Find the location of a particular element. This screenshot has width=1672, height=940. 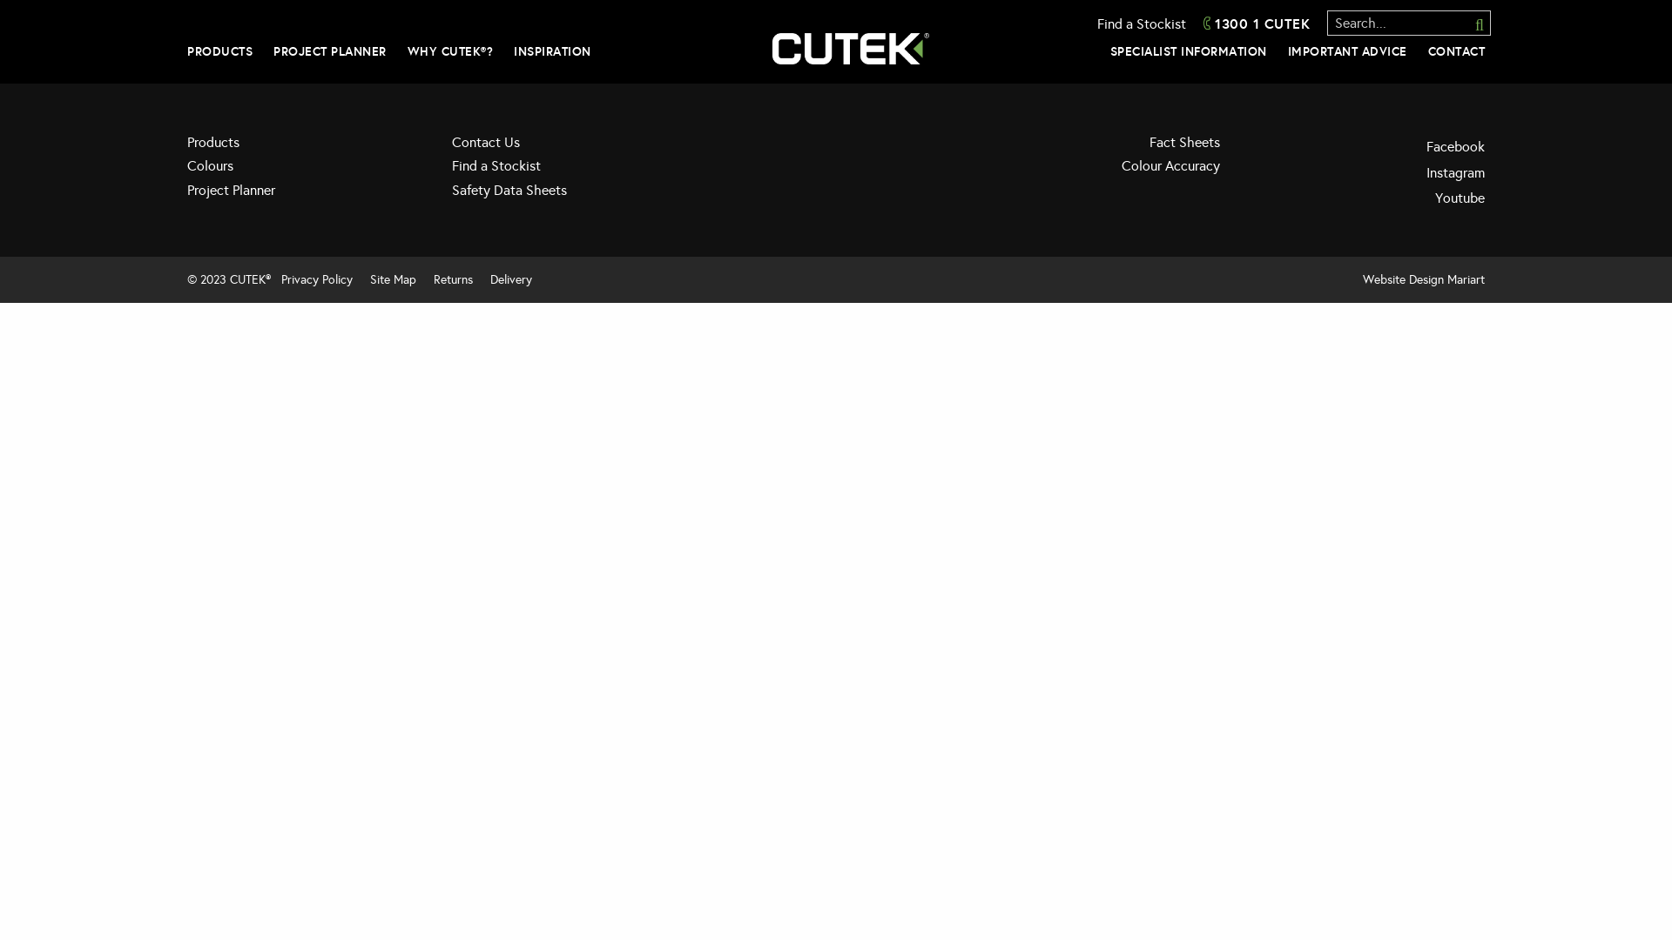

'Facebook' is located at coordinates (1365, 146).